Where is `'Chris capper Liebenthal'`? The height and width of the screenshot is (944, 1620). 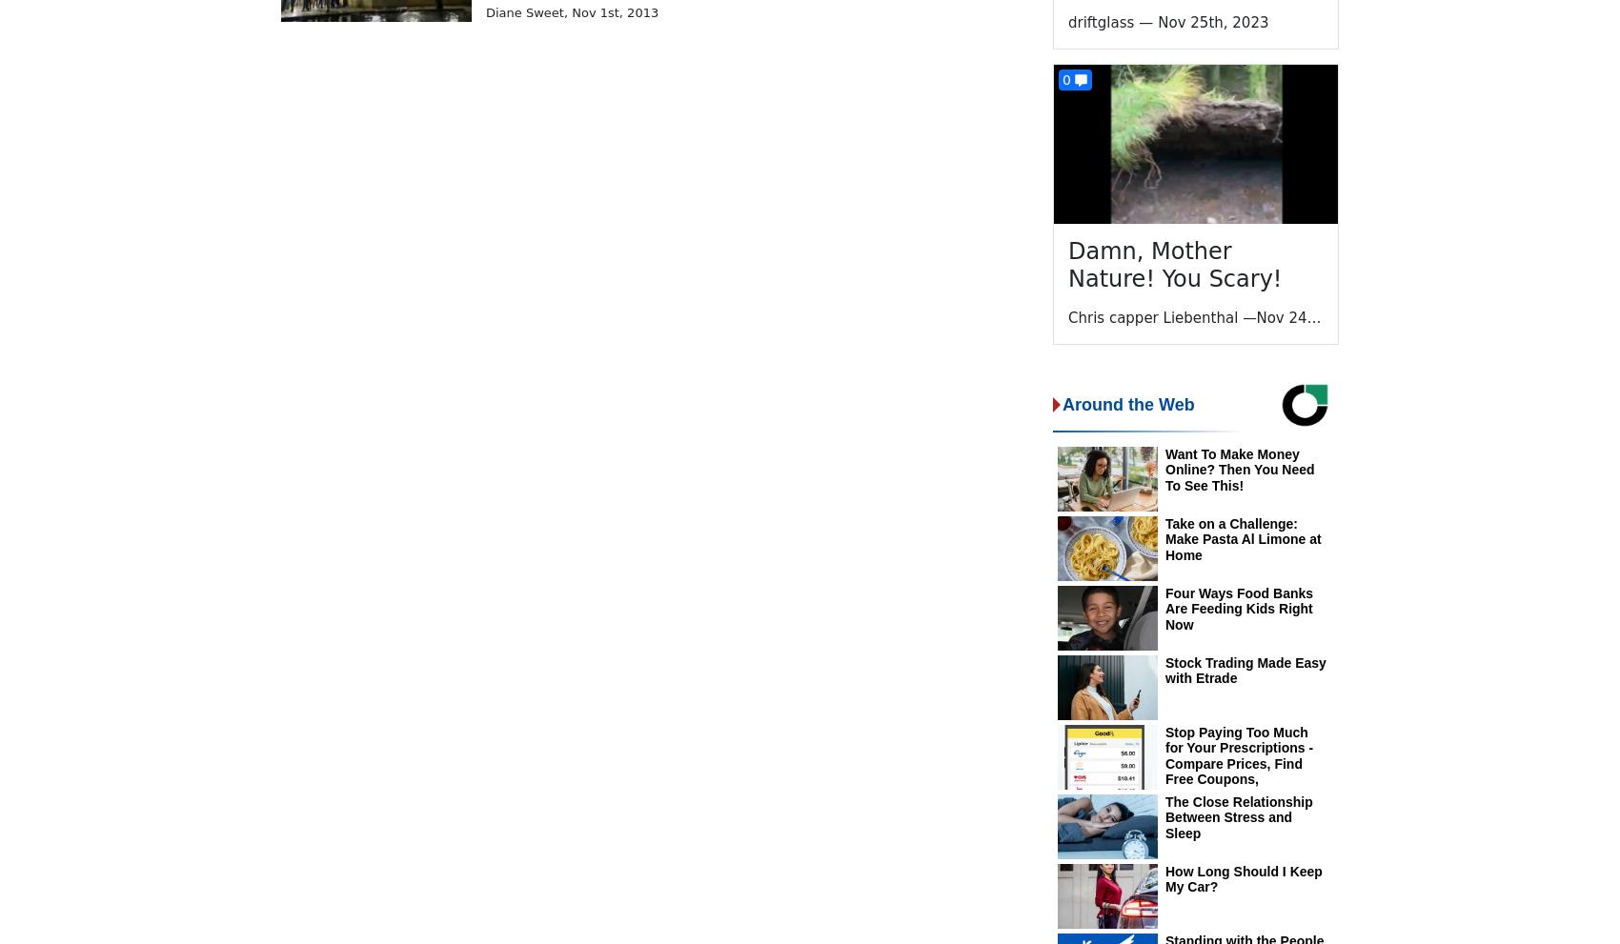 'Chris capper Liebenthal' is located at coordinates (1067, 317).